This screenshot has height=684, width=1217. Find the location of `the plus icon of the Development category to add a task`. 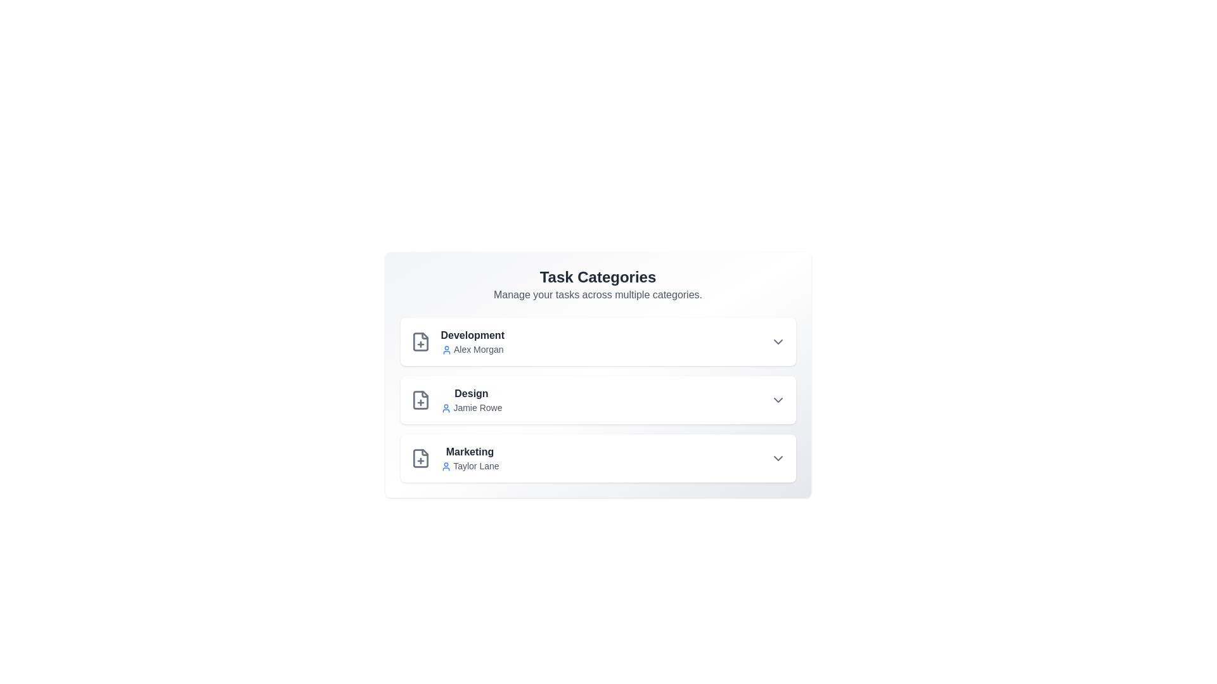

the plus icon of the Development category to add a task is located at coordinates (420, 342).